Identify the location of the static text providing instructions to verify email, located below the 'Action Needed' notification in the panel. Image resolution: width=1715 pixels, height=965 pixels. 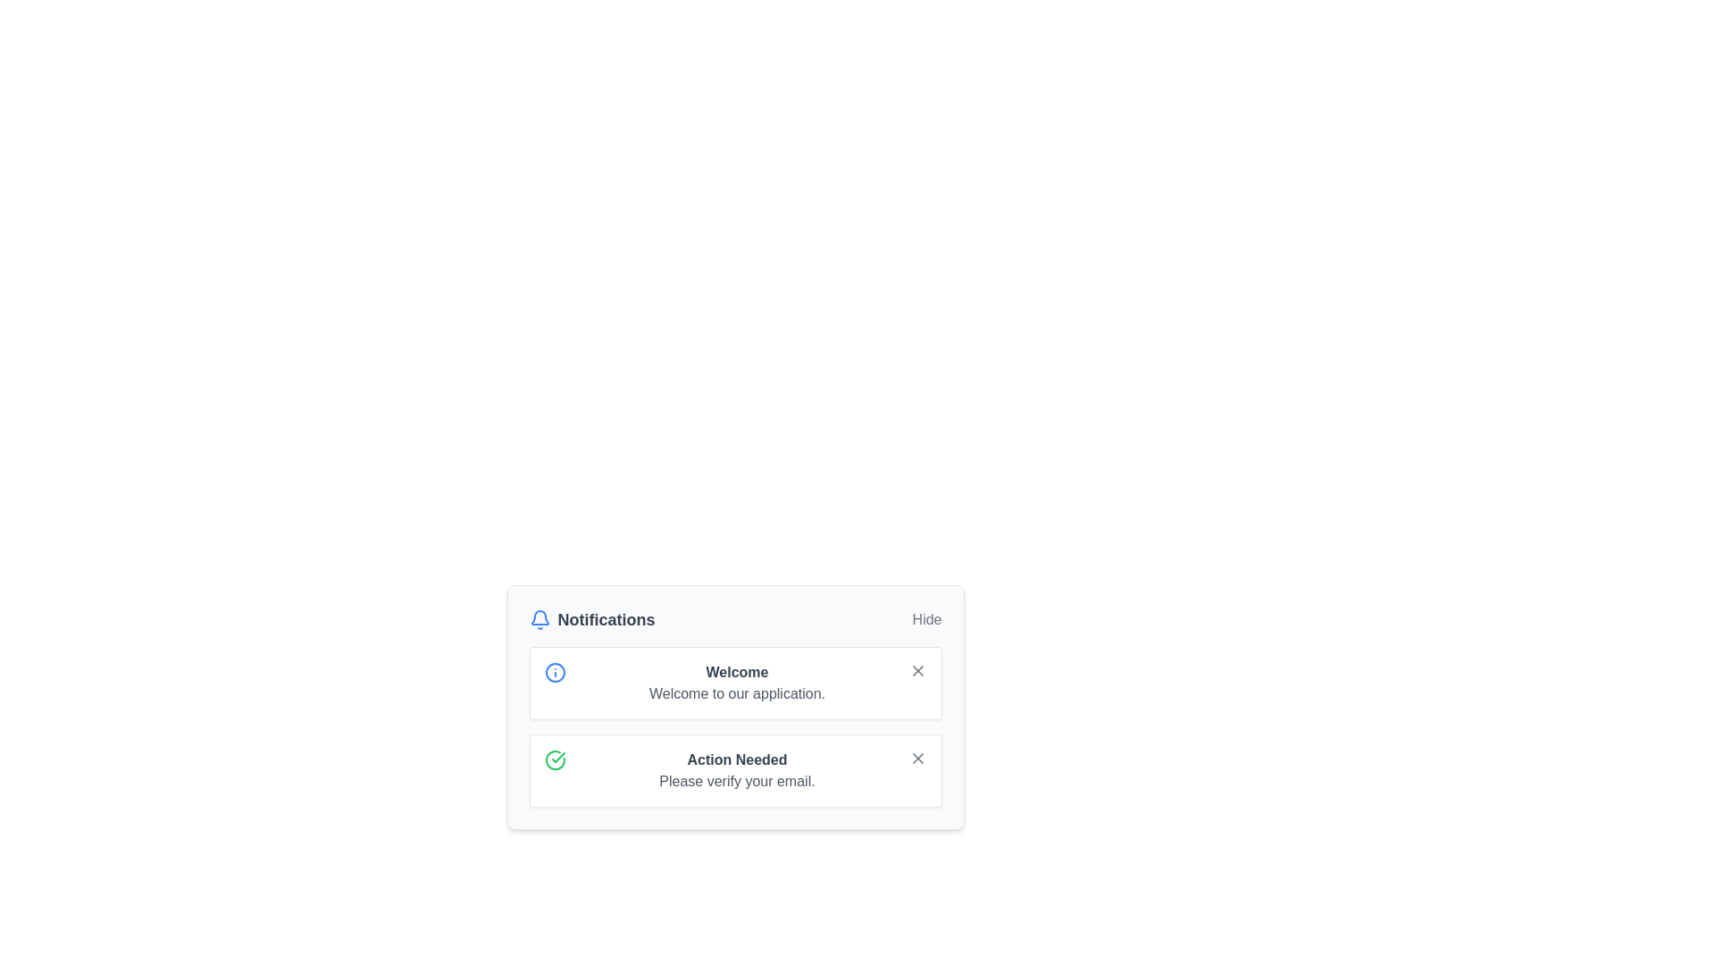
(737, 781).